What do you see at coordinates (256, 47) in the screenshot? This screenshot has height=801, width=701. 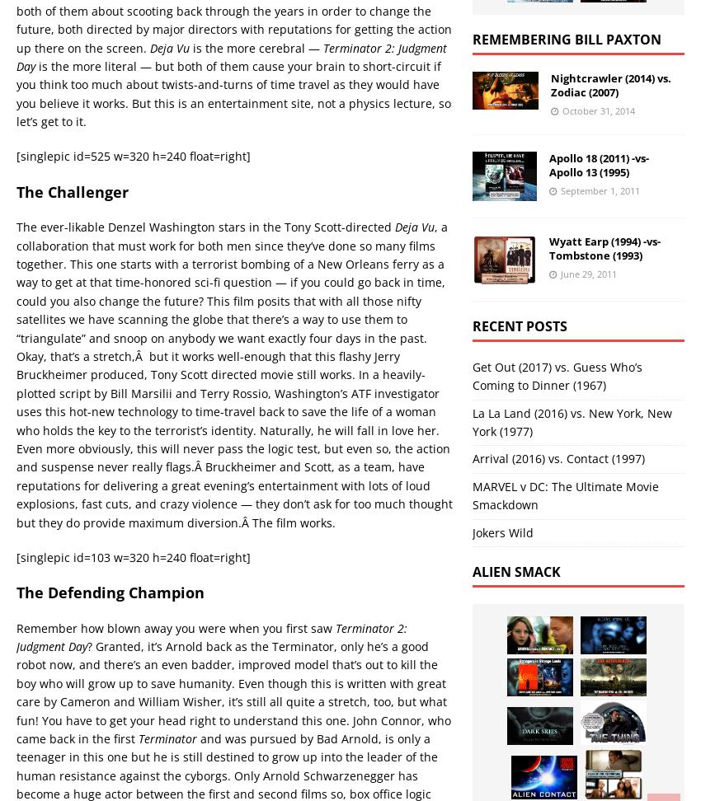 I see `'is the more cerebral —'` at bounding box center [256, 47].